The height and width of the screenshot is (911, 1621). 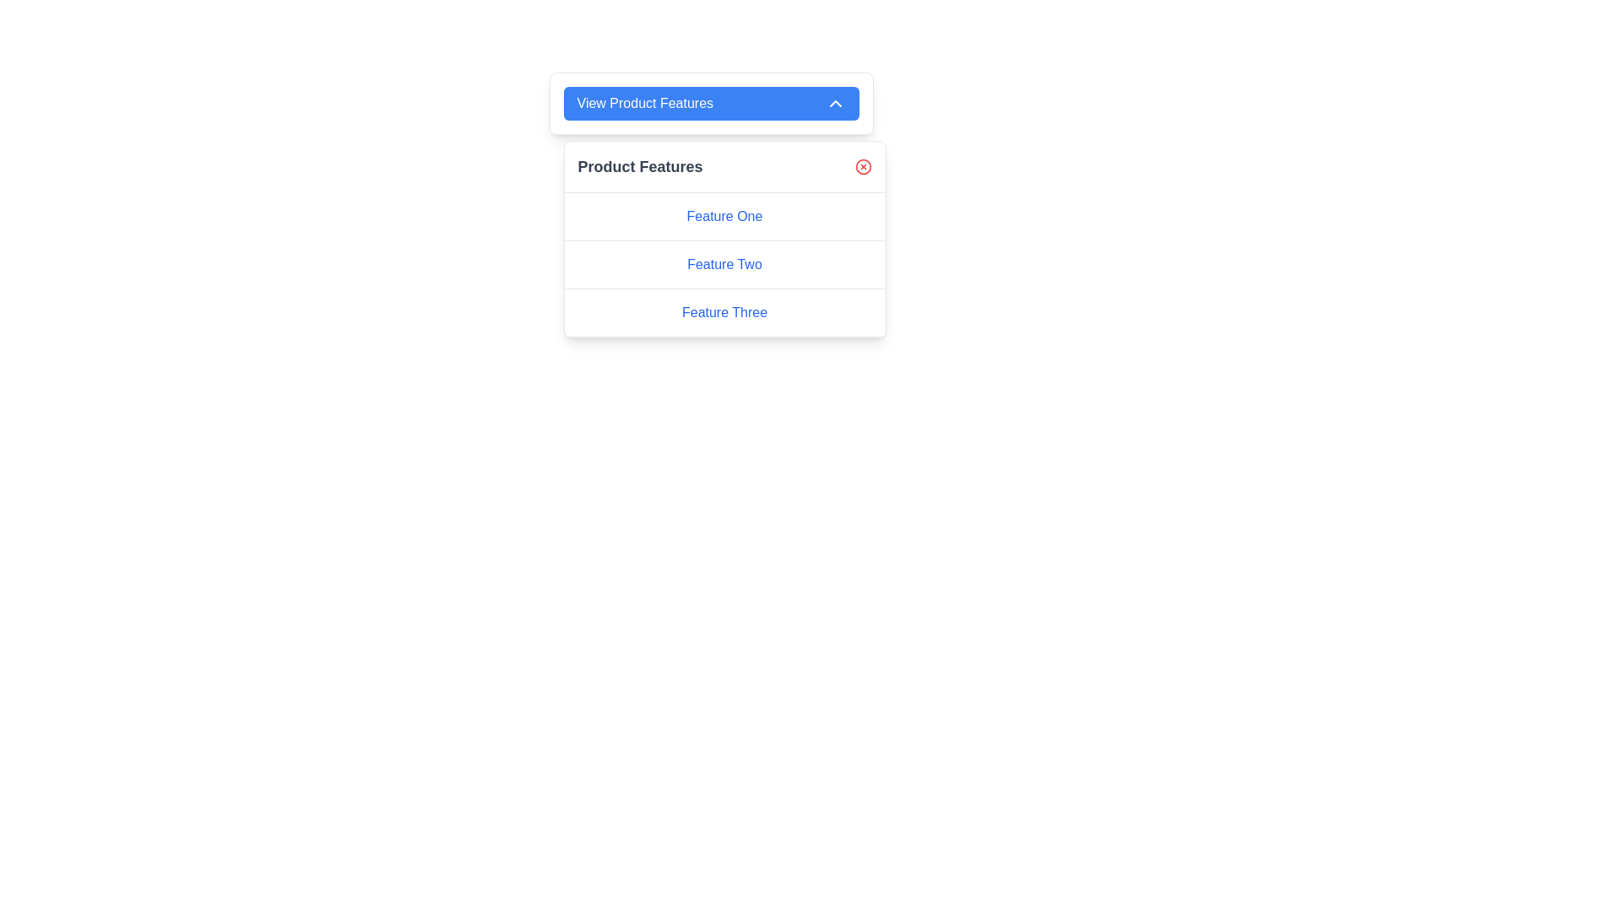 I want to click on the dropdown menu located just below the 'View Product Features' button, which displays a list of features related to the product, so click(x=724, y=240).